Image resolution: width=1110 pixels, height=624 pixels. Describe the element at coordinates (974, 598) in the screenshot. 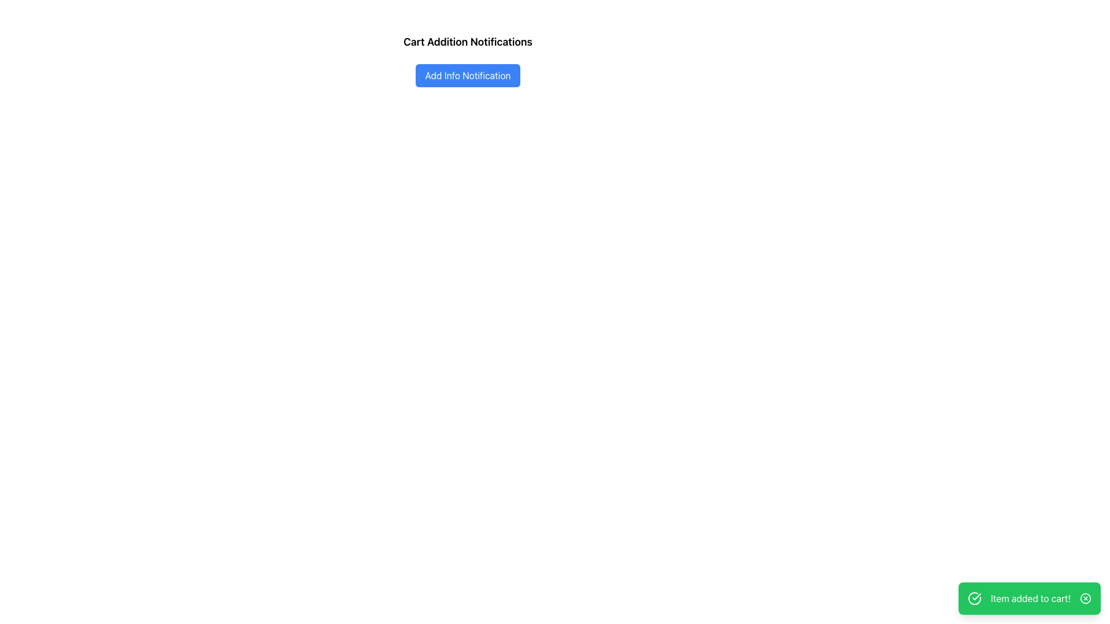

I see `the success confirmation icon located at the left side of the notification banner that reads 'Item added to cart!'` at that location.